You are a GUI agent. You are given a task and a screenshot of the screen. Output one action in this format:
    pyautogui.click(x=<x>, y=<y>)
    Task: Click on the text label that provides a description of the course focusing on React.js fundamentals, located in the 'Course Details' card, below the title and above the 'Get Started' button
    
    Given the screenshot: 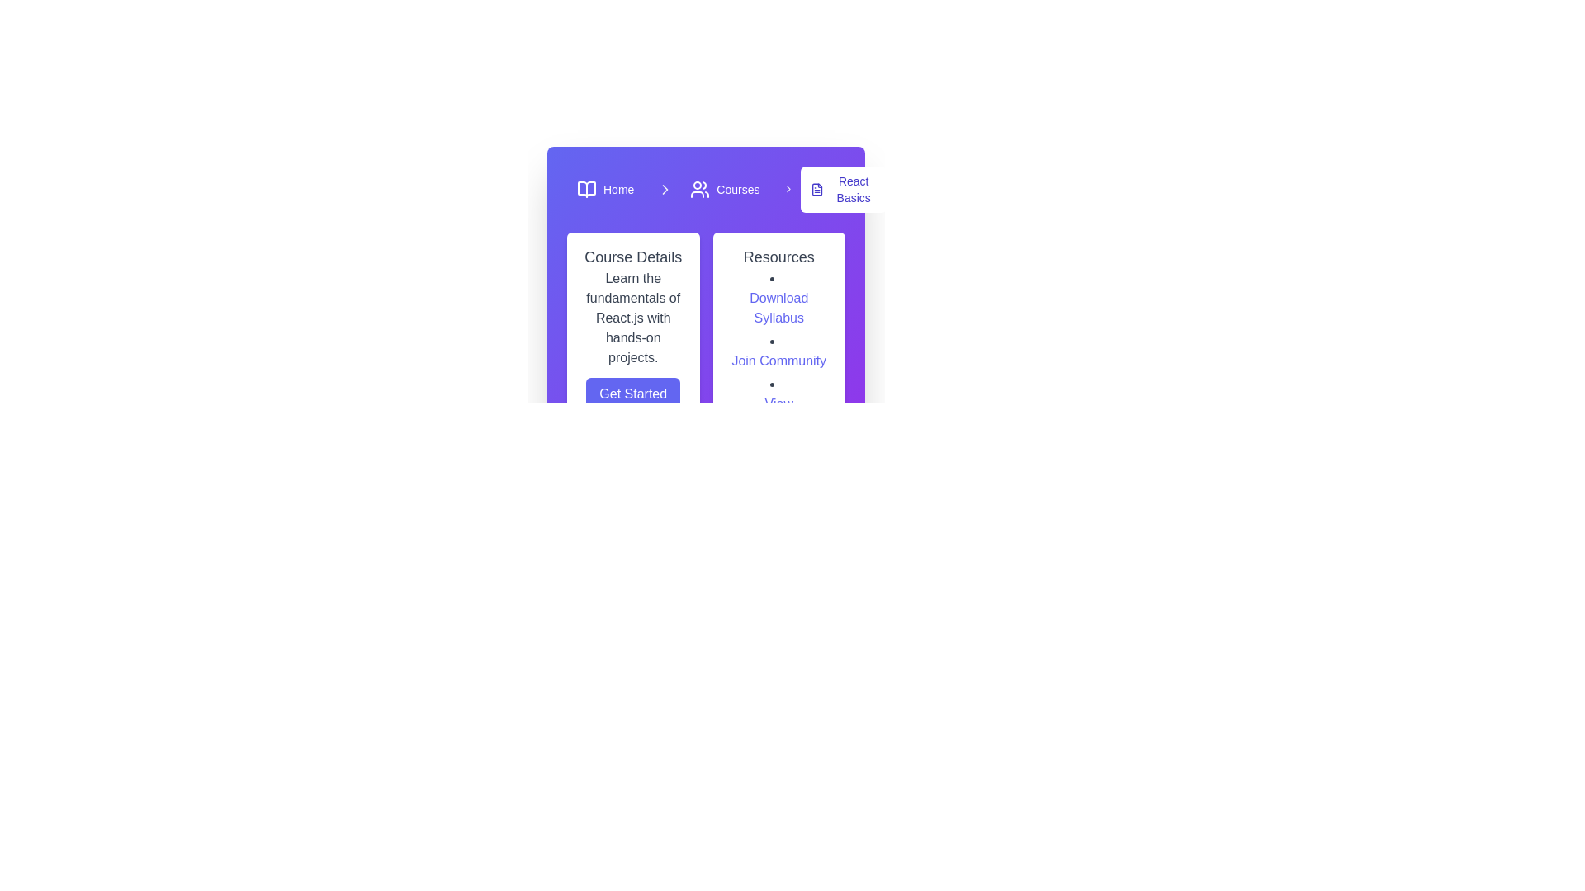 What is the action you would take?
    pyautogui.click(x=632, y=318)
    